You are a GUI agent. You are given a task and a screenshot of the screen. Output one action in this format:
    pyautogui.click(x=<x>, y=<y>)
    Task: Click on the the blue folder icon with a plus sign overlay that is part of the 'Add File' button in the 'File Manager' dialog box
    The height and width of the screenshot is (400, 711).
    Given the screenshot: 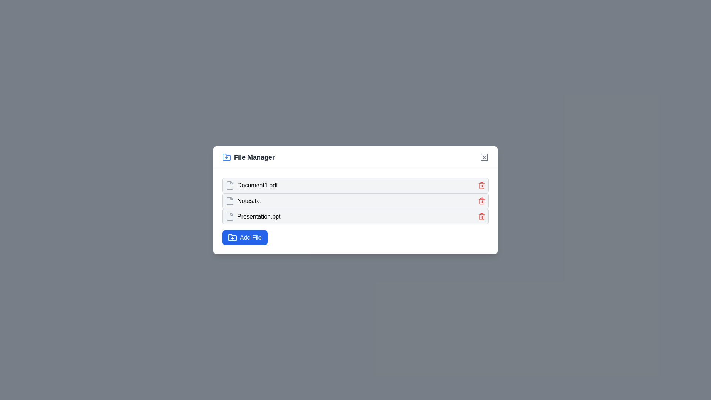 What is the action you would take?
    pyautogui.click(x=232, y=237)
    